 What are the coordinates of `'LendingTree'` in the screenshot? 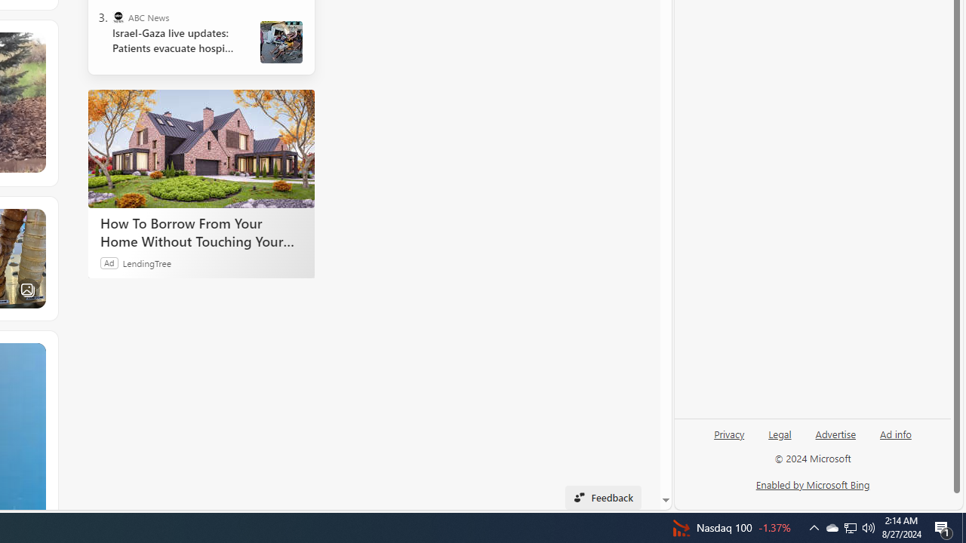 It's located at (147, 262).